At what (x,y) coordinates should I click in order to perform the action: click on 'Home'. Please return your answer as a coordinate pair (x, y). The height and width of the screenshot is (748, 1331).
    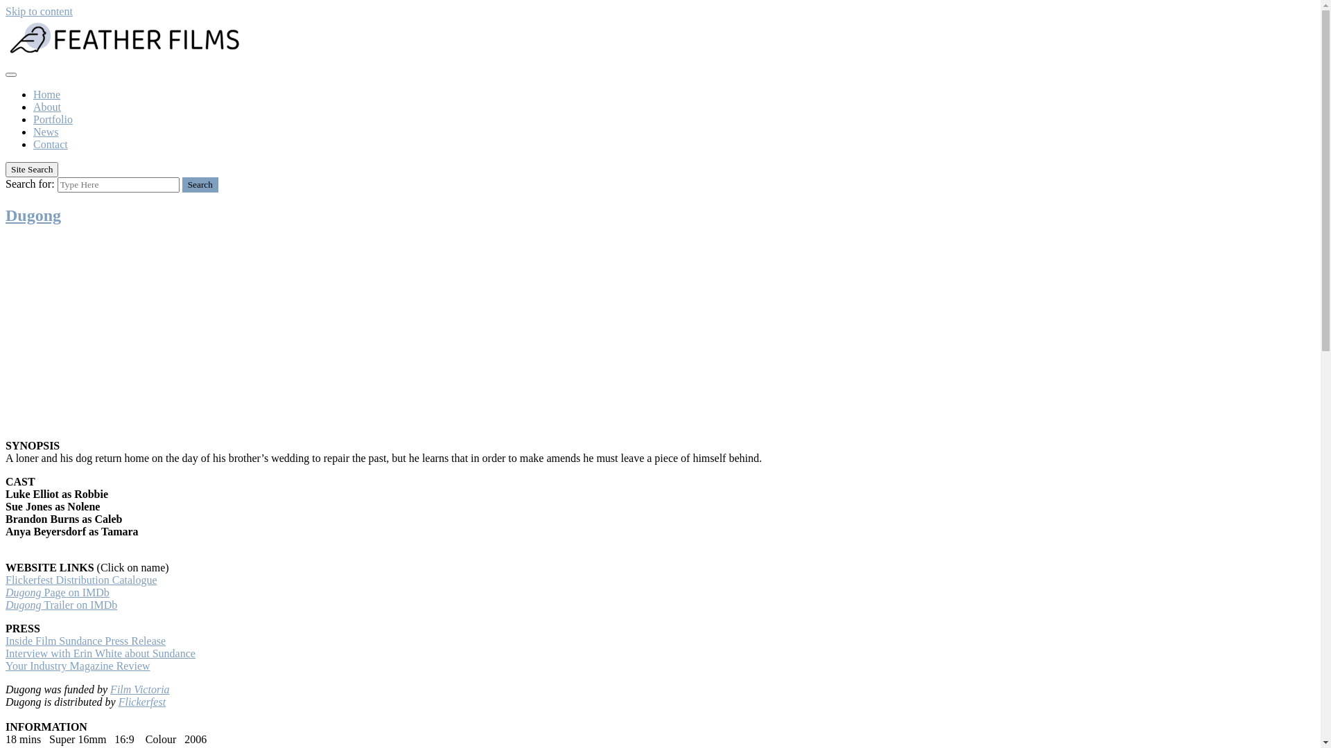
    Looking at the image, I should click on (33, 93).